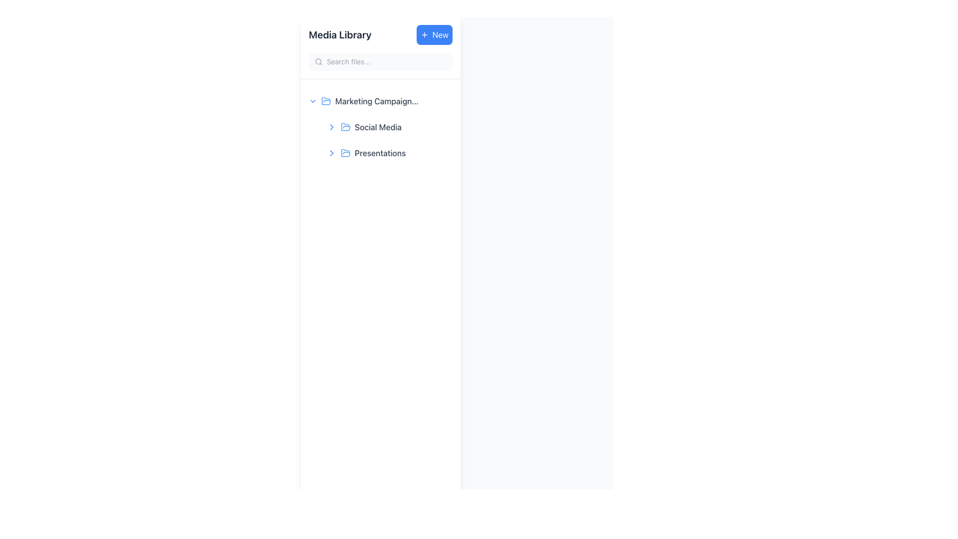  I want to click on the search bar input field, which is styled with rounded corners and a light gray background, to focus on it, so click(380, 61).